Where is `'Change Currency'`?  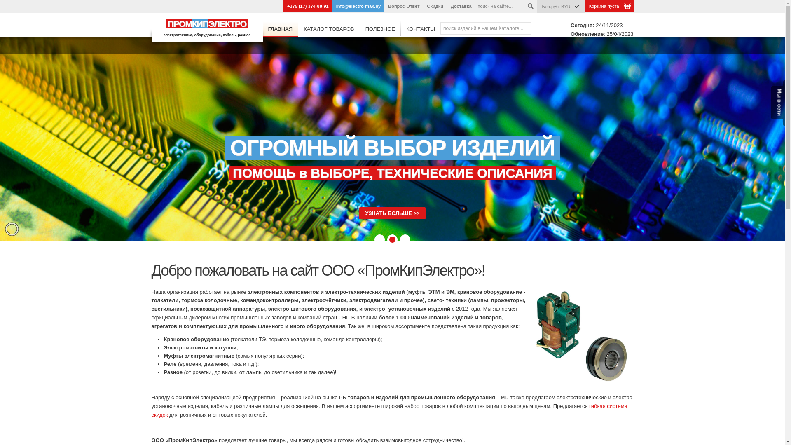
'Change Currency' is located at coordinates (577, 6).